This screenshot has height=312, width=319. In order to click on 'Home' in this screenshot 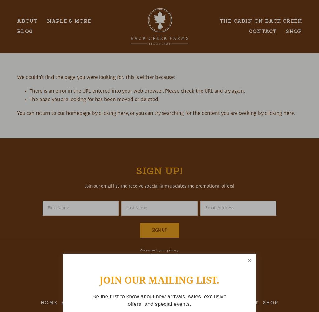, I will do `click(48, 302)`.